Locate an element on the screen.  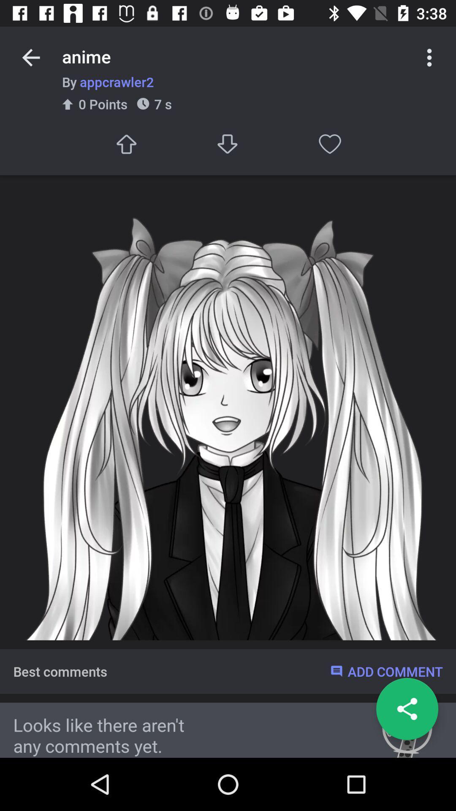
choose the selection is located at coordinates (126, 144).